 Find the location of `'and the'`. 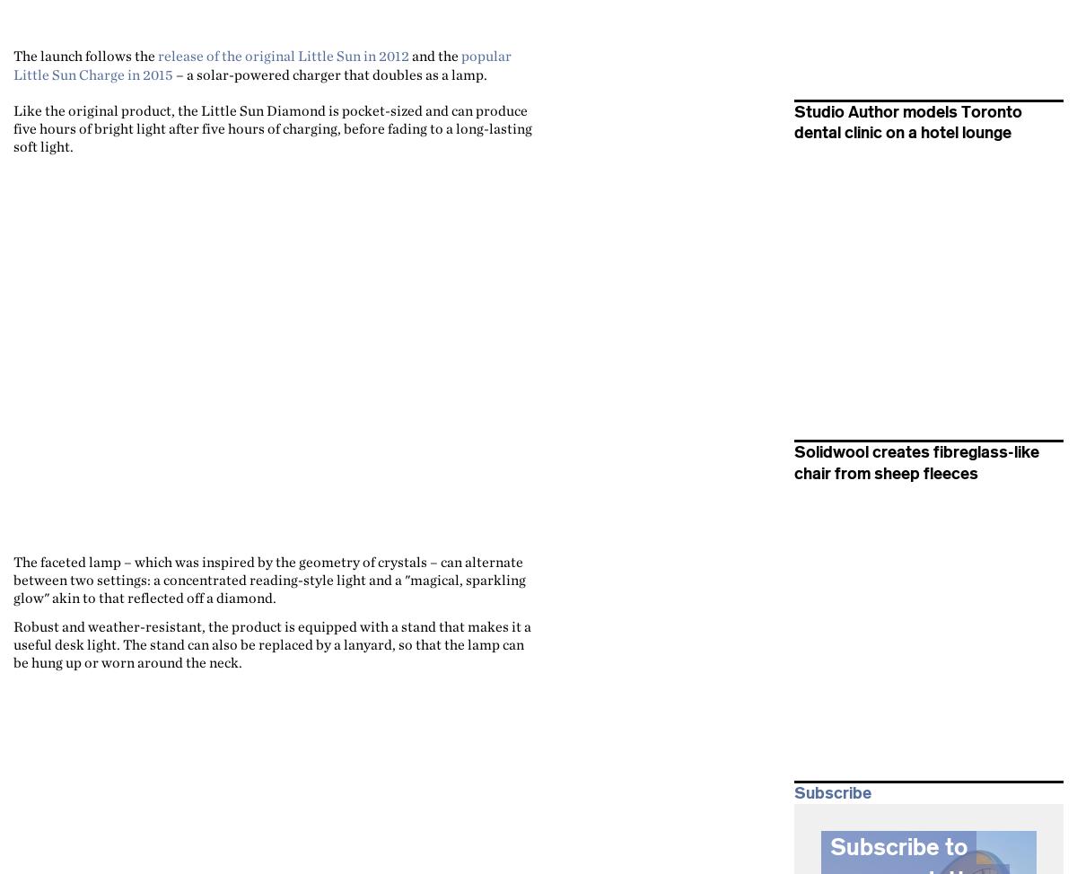

'and the' is located at coordinates (408, 56).